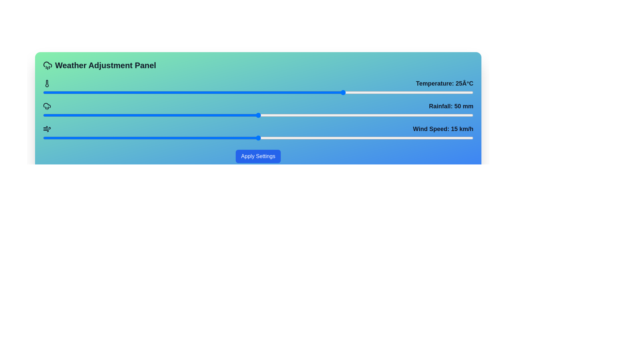 This screenshot has width=641, height=361. What do you see at coordinates (284, 93) in the screenshot?
I see `the temperature slider` at bounding box center [284, 93].